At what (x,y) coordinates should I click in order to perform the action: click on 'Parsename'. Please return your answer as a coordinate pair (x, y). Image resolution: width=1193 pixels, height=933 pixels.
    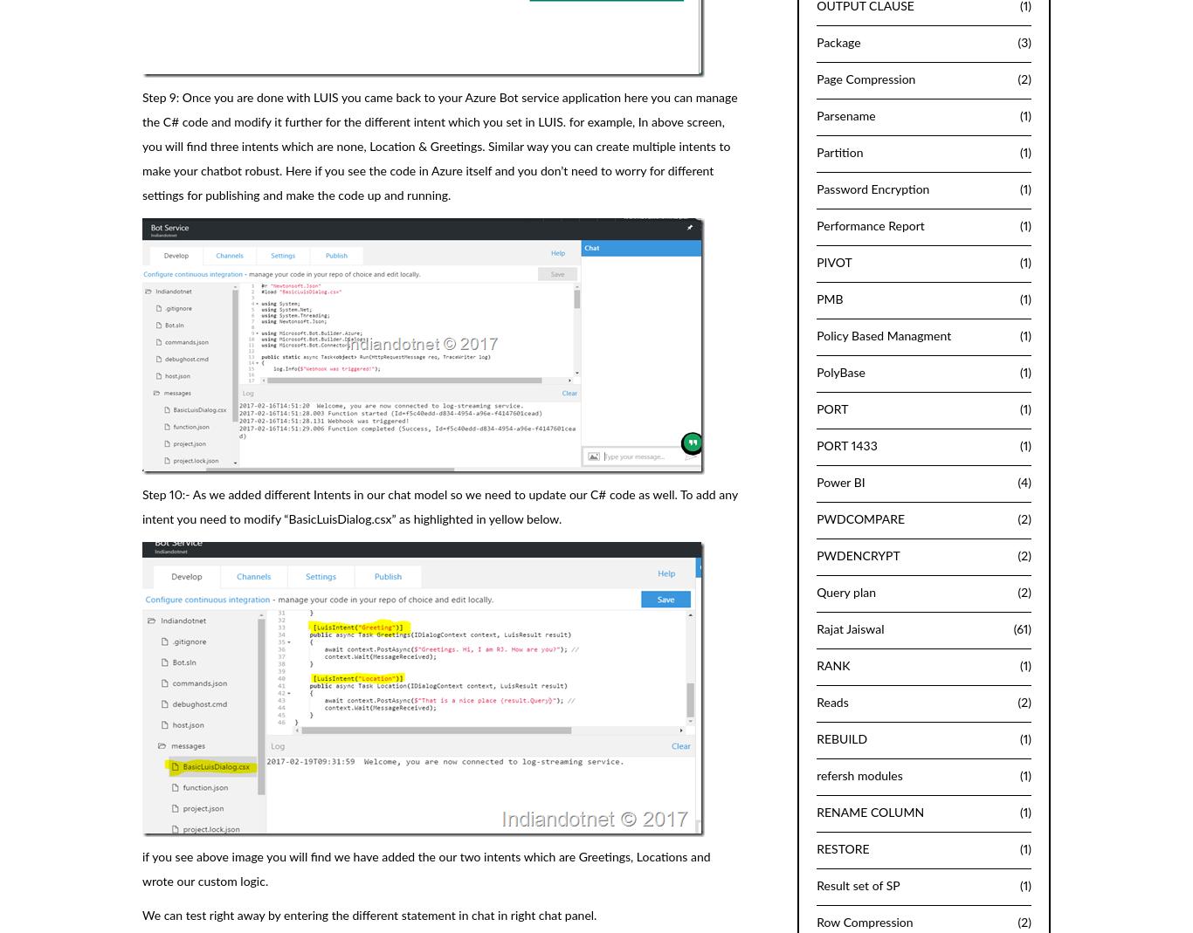
    Looking at the image, I should click on (845, 115).